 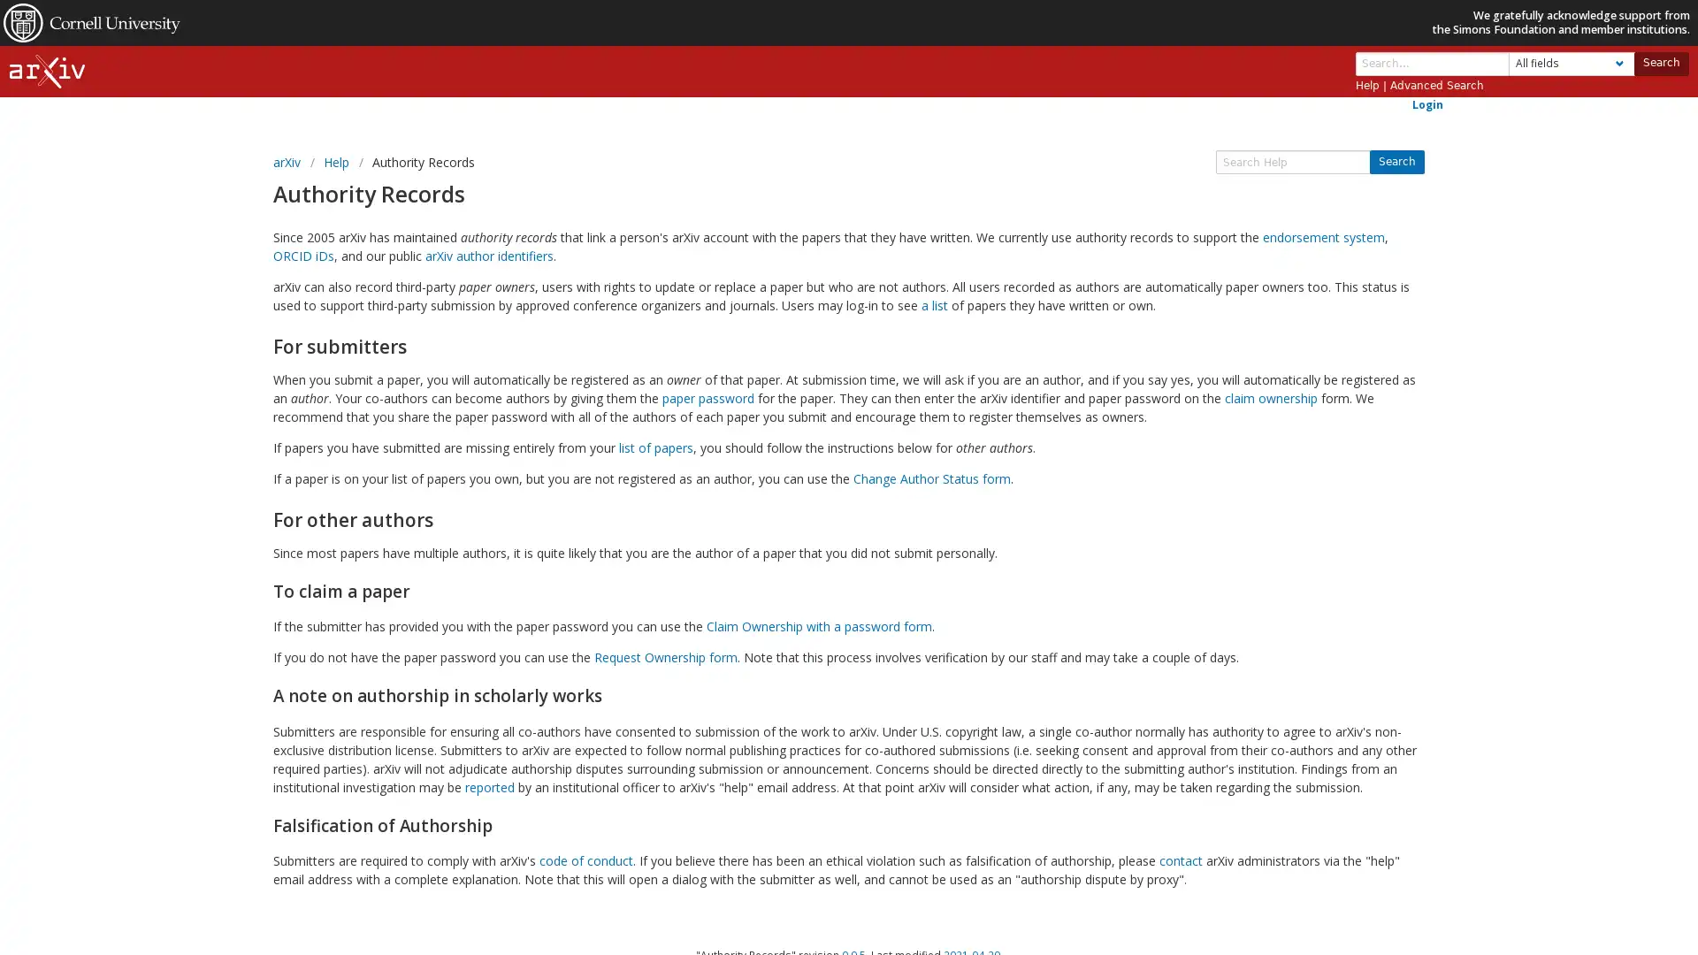 What do you see at coordinates (1396, 162) in the screenshot?
I see `Search` at bounding box center [1396, 162].